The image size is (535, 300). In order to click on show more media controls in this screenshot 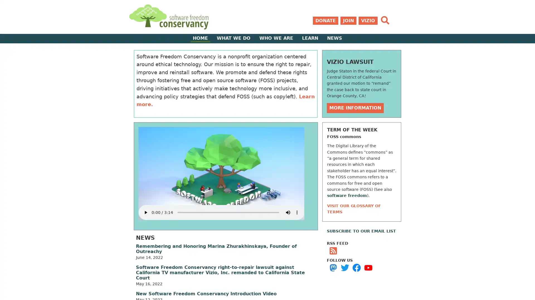, I will do `click(296, 212)`.